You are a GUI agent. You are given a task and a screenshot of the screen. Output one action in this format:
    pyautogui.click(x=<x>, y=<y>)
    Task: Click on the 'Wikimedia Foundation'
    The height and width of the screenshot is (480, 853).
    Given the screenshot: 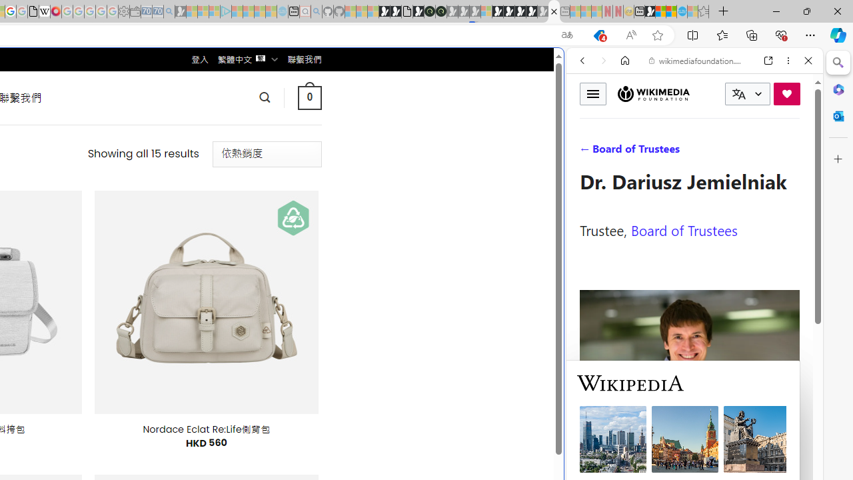 What is the action you would take?
    pyautogui.click(x=653, y=93)
    